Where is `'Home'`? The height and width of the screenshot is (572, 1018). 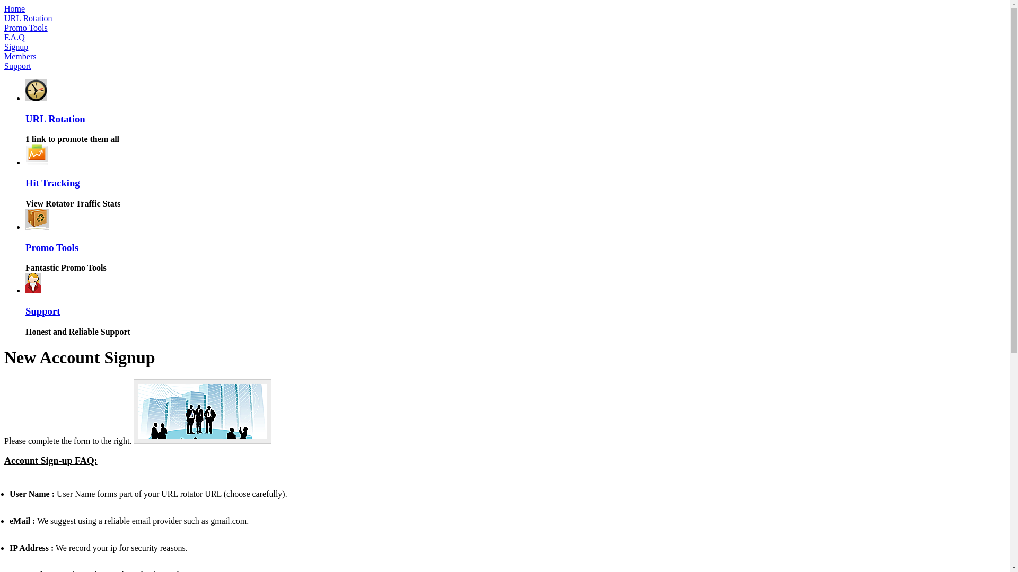
'Home' is located at coordinates (4, 8).